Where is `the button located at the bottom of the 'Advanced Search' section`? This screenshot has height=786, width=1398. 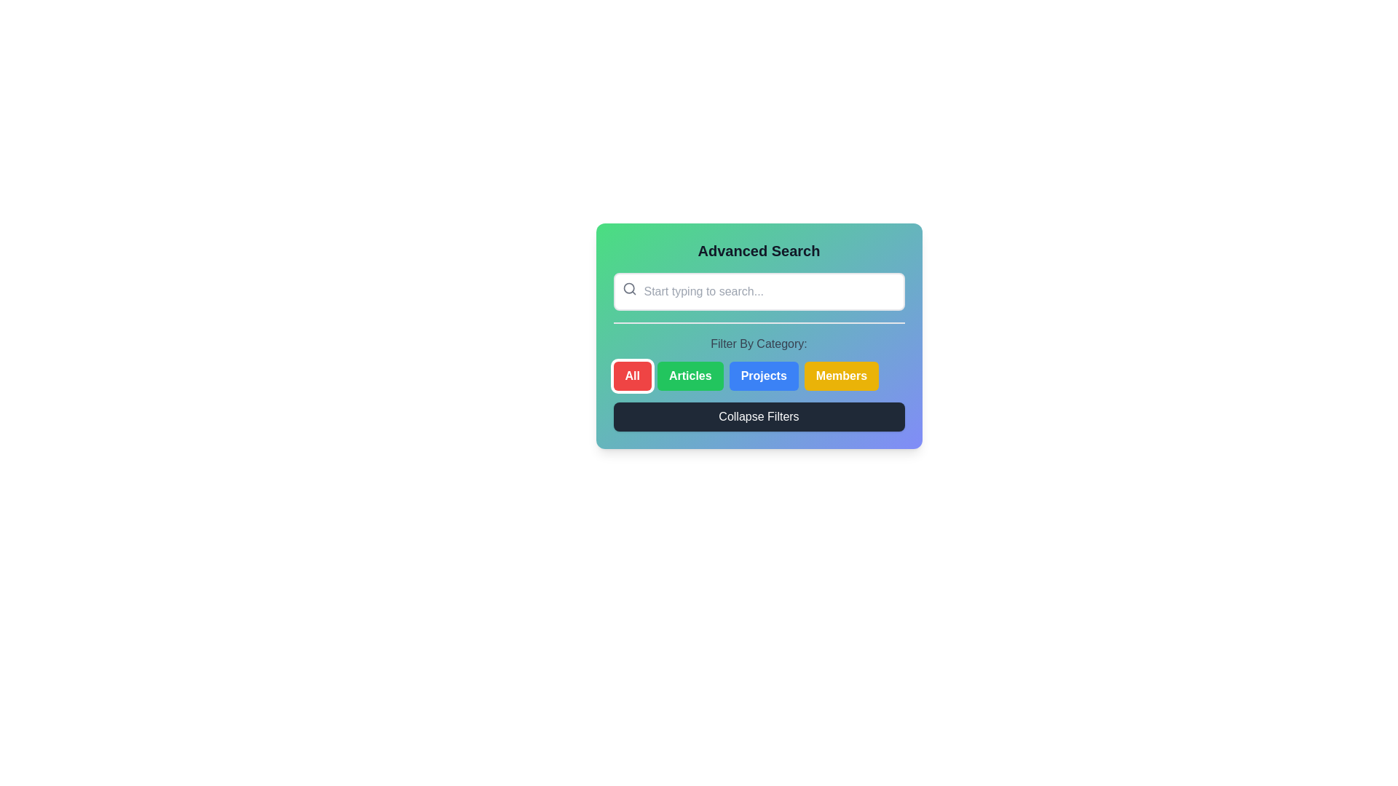
the button located at the bottom of the 'Advanced Search' section is located at coordinates (758, 417).